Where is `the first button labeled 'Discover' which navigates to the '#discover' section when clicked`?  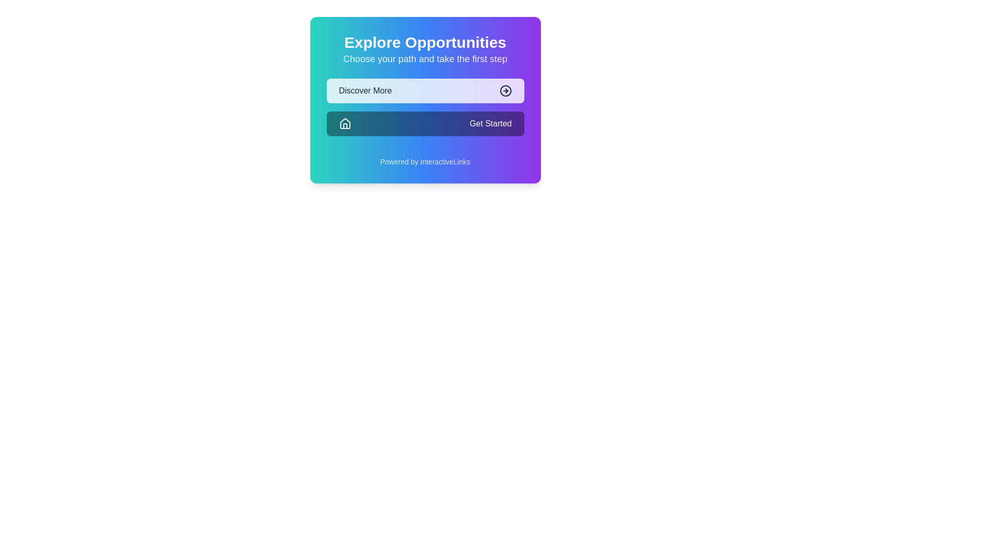
the first button labeled 'Discover' which navigates to the '#discover' section when clicked is located at coordinates (425, 90).